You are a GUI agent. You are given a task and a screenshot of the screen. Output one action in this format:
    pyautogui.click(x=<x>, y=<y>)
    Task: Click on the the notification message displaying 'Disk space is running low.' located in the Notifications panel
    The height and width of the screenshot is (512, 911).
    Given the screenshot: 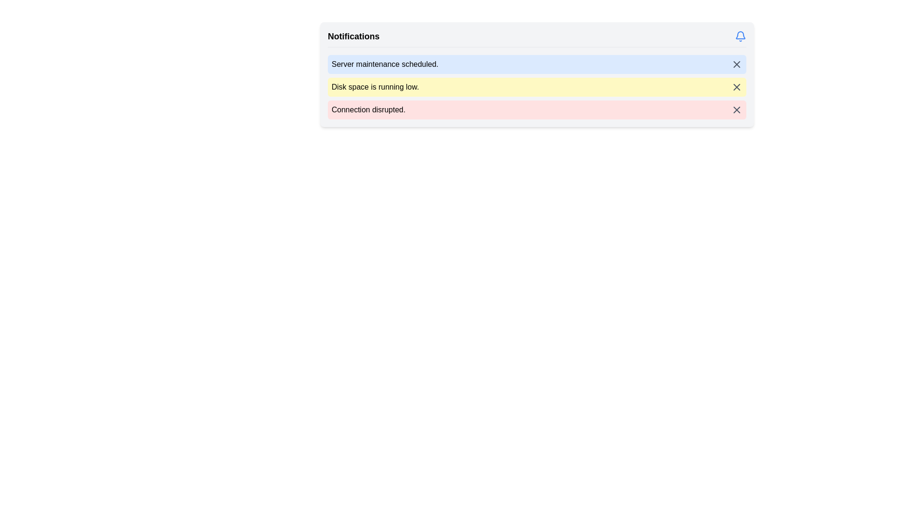 What is the action you would take?
    pyautogui.click(x=537, y=87)
    